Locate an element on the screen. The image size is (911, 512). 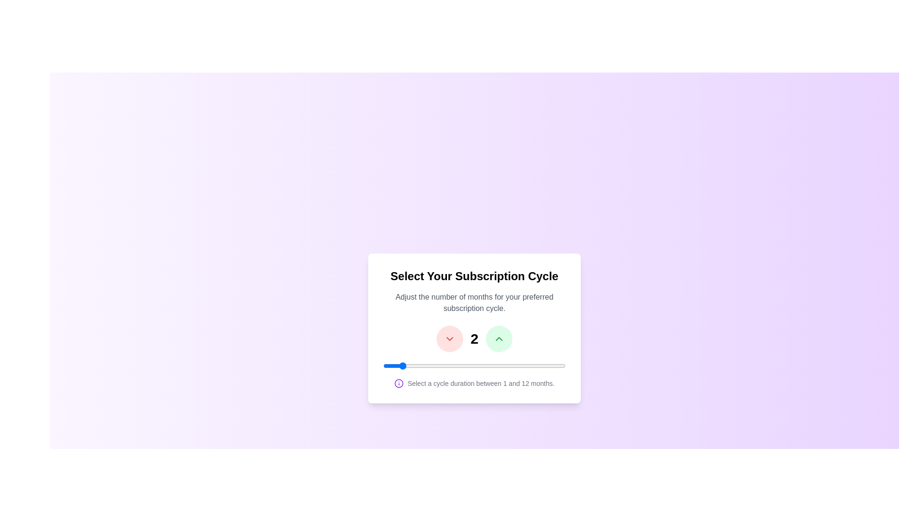
information displayed in the Text header, which serves as a section title for the subscription cycle selection interface is located at coordinates (474, 276).